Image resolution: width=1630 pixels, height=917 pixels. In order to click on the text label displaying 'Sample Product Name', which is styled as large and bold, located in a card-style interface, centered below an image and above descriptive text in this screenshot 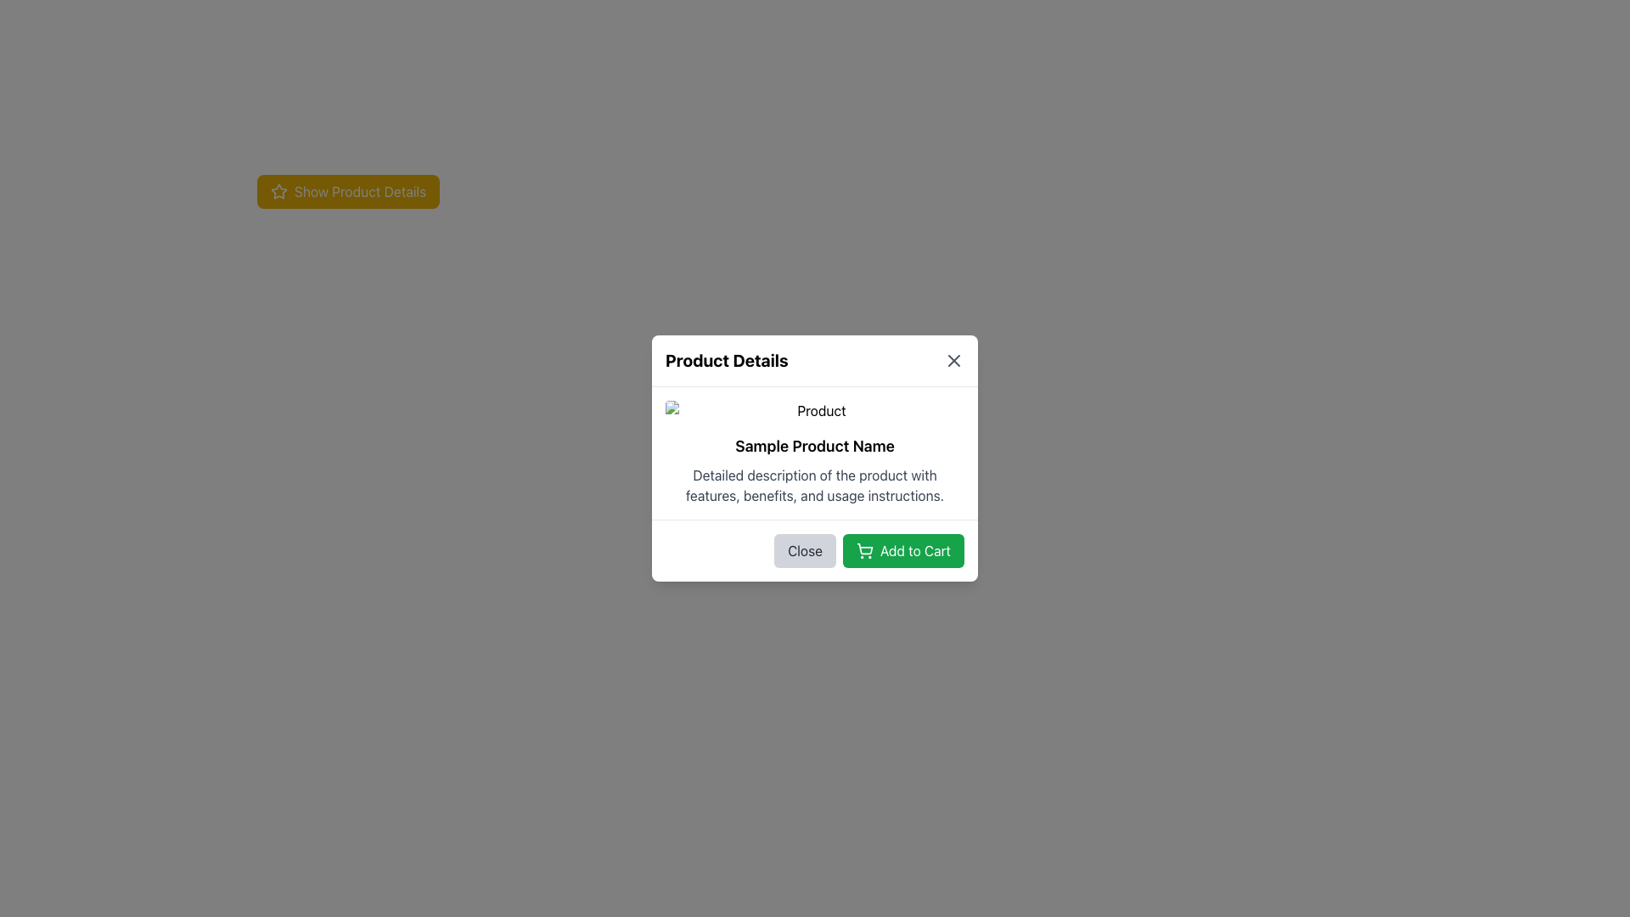, I will do `click(815, 445)`.